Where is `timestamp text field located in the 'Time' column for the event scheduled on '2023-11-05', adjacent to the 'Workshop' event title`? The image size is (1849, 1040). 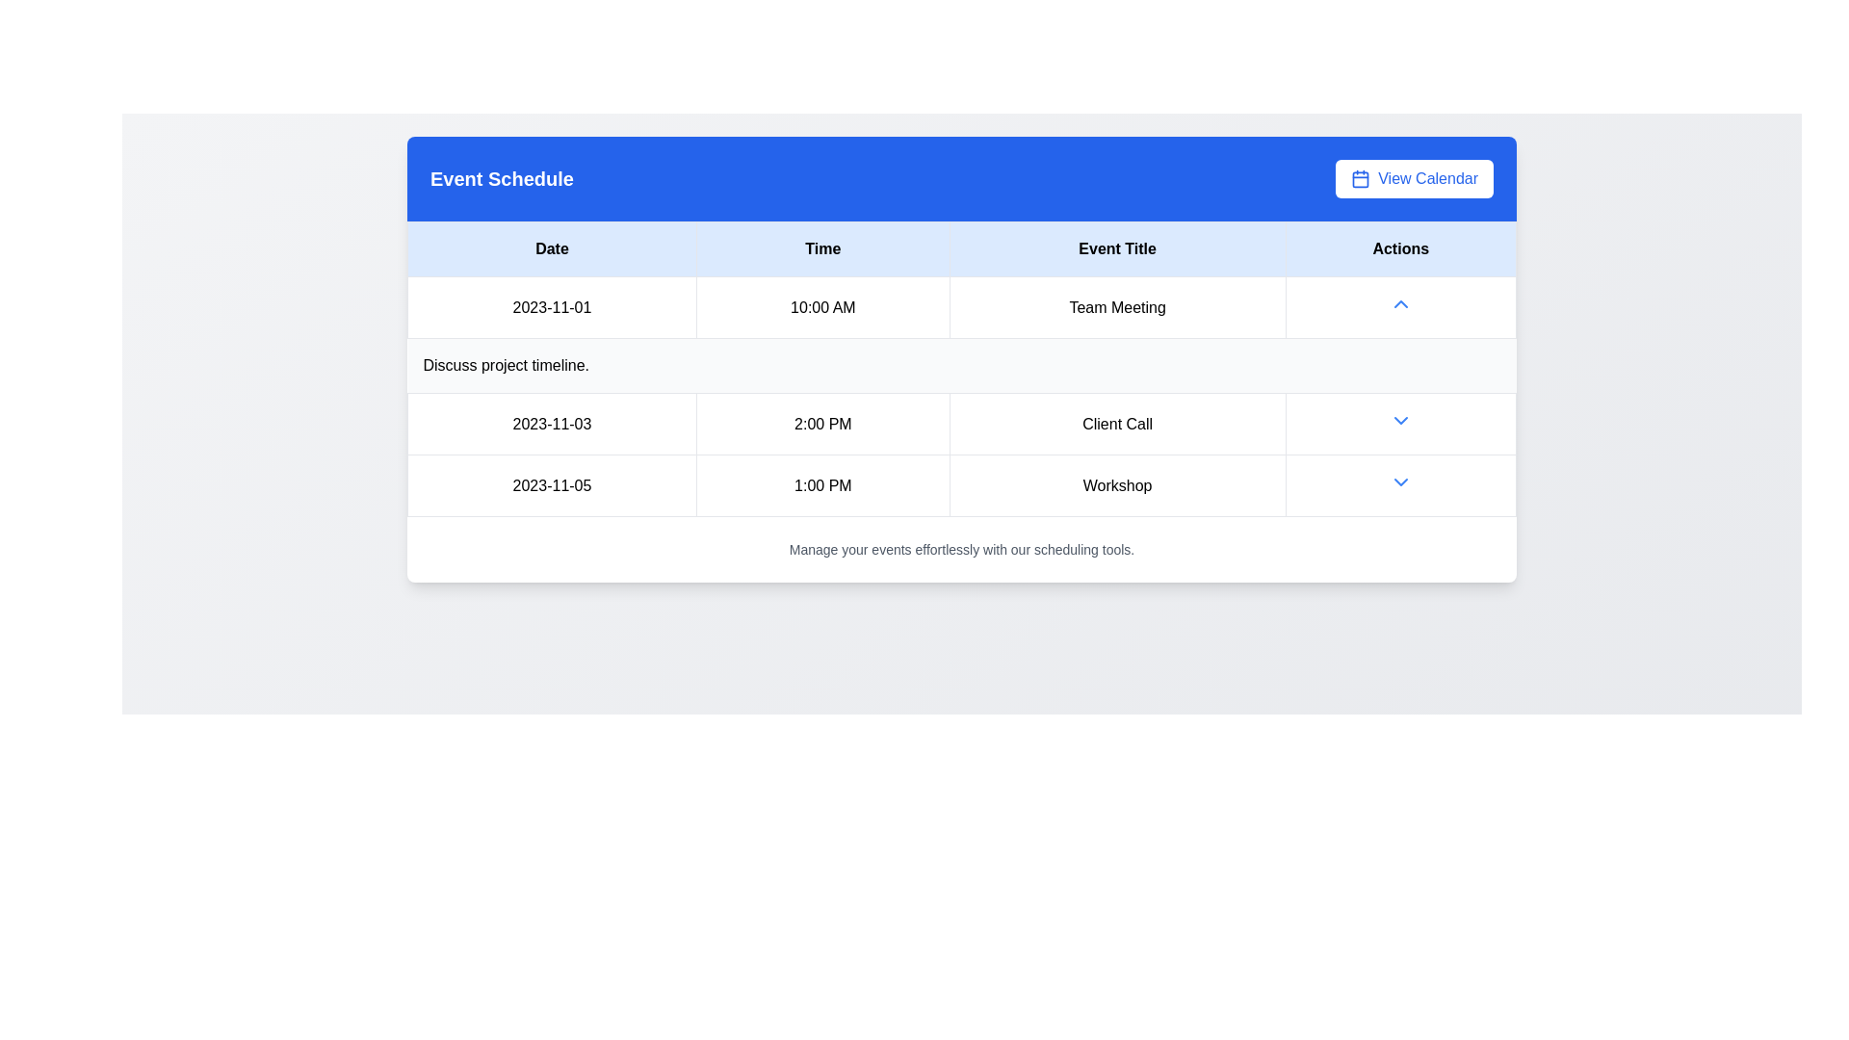
timestamp text field located in the 'Time' column for the event scheduled on '2023-11-05', adjacent to the 'Workshop' event title is located at coordinates (822, 484).